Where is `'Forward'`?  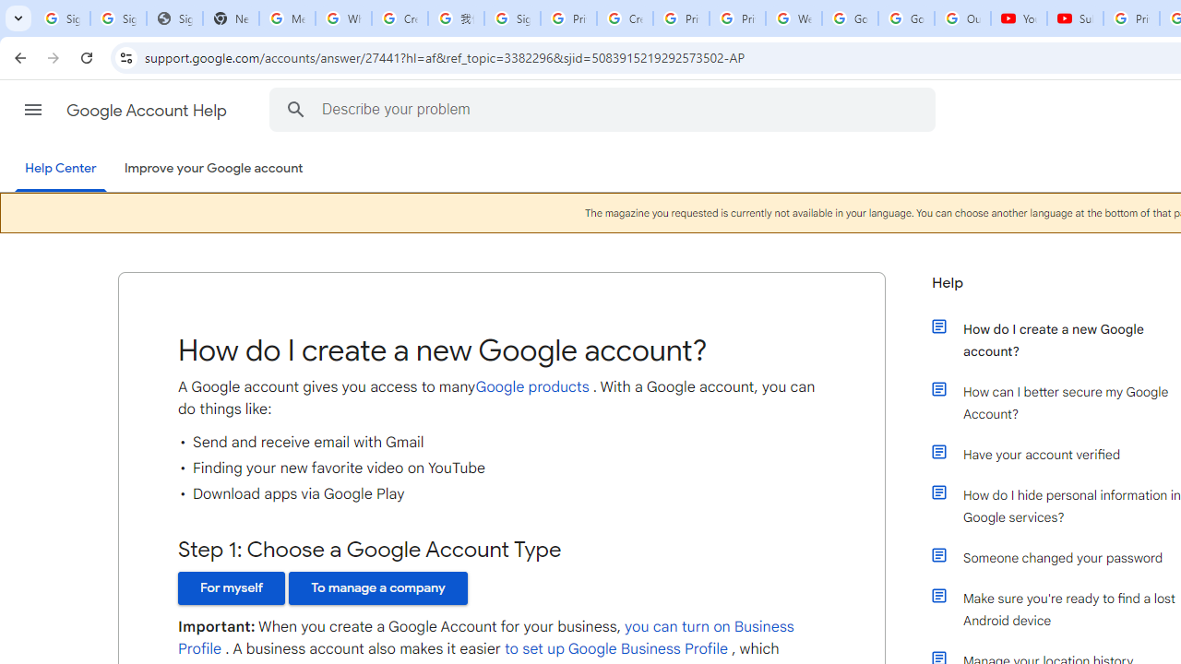 'Forward' is located at coordinates (54, 56).